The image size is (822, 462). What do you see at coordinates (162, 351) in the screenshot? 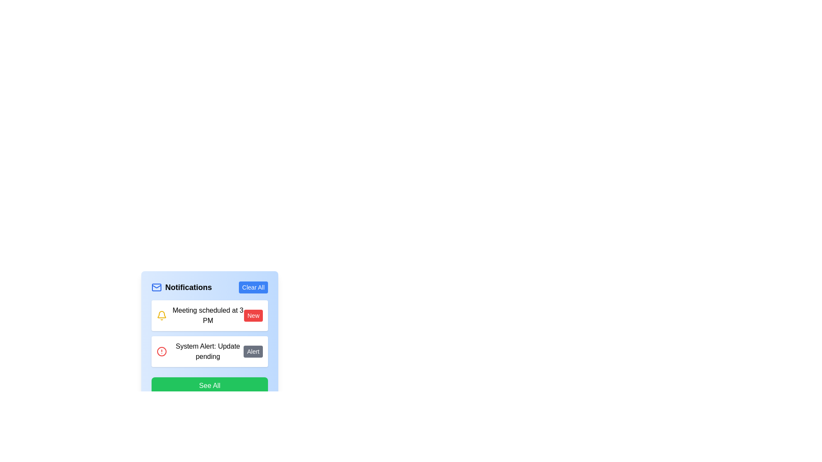
I see `the alert icon located to the left of the message 'System Alert: Update pending' in the notification box` at bounding box center [162, 351].